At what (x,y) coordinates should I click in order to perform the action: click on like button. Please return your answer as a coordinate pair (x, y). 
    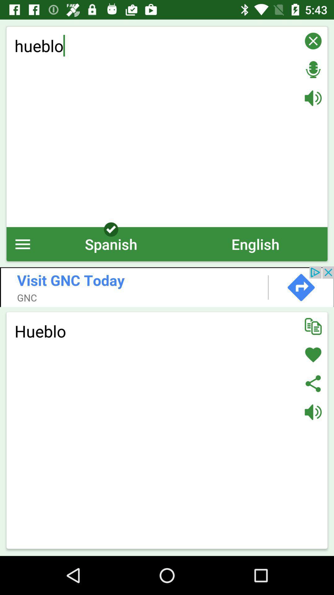
    Looking at the image, I should click on (313, 355).